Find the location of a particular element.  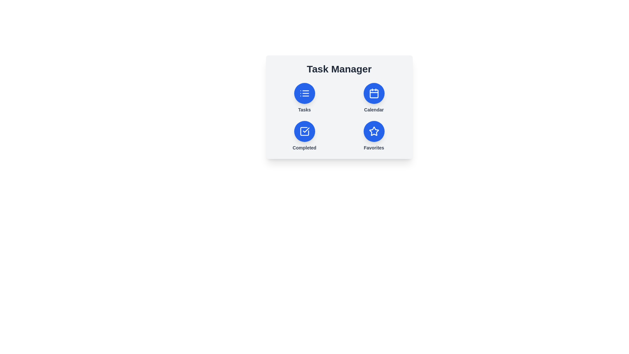

the button located at the top-left corner of the 'Tasks' section in the 'Task Manager' interface is located at coordinates (304, 93).